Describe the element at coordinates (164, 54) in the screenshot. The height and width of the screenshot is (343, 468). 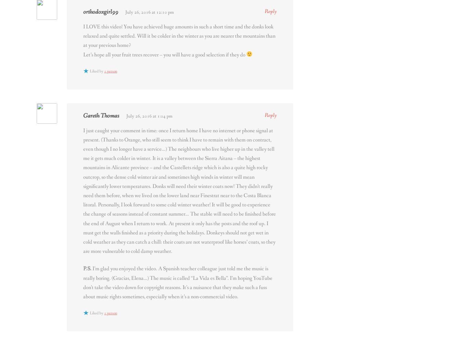
I see `'Let’s hope all your fruit trees recover – you will have a good selection if they do'` at that location.